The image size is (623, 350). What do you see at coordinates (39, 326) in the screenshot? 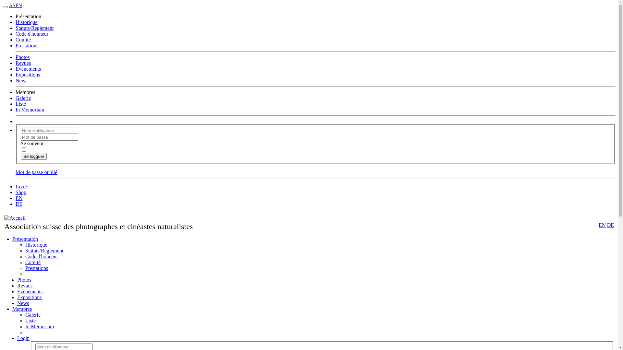
I see `'In Memoriam'` at bounding box center [39, 326].